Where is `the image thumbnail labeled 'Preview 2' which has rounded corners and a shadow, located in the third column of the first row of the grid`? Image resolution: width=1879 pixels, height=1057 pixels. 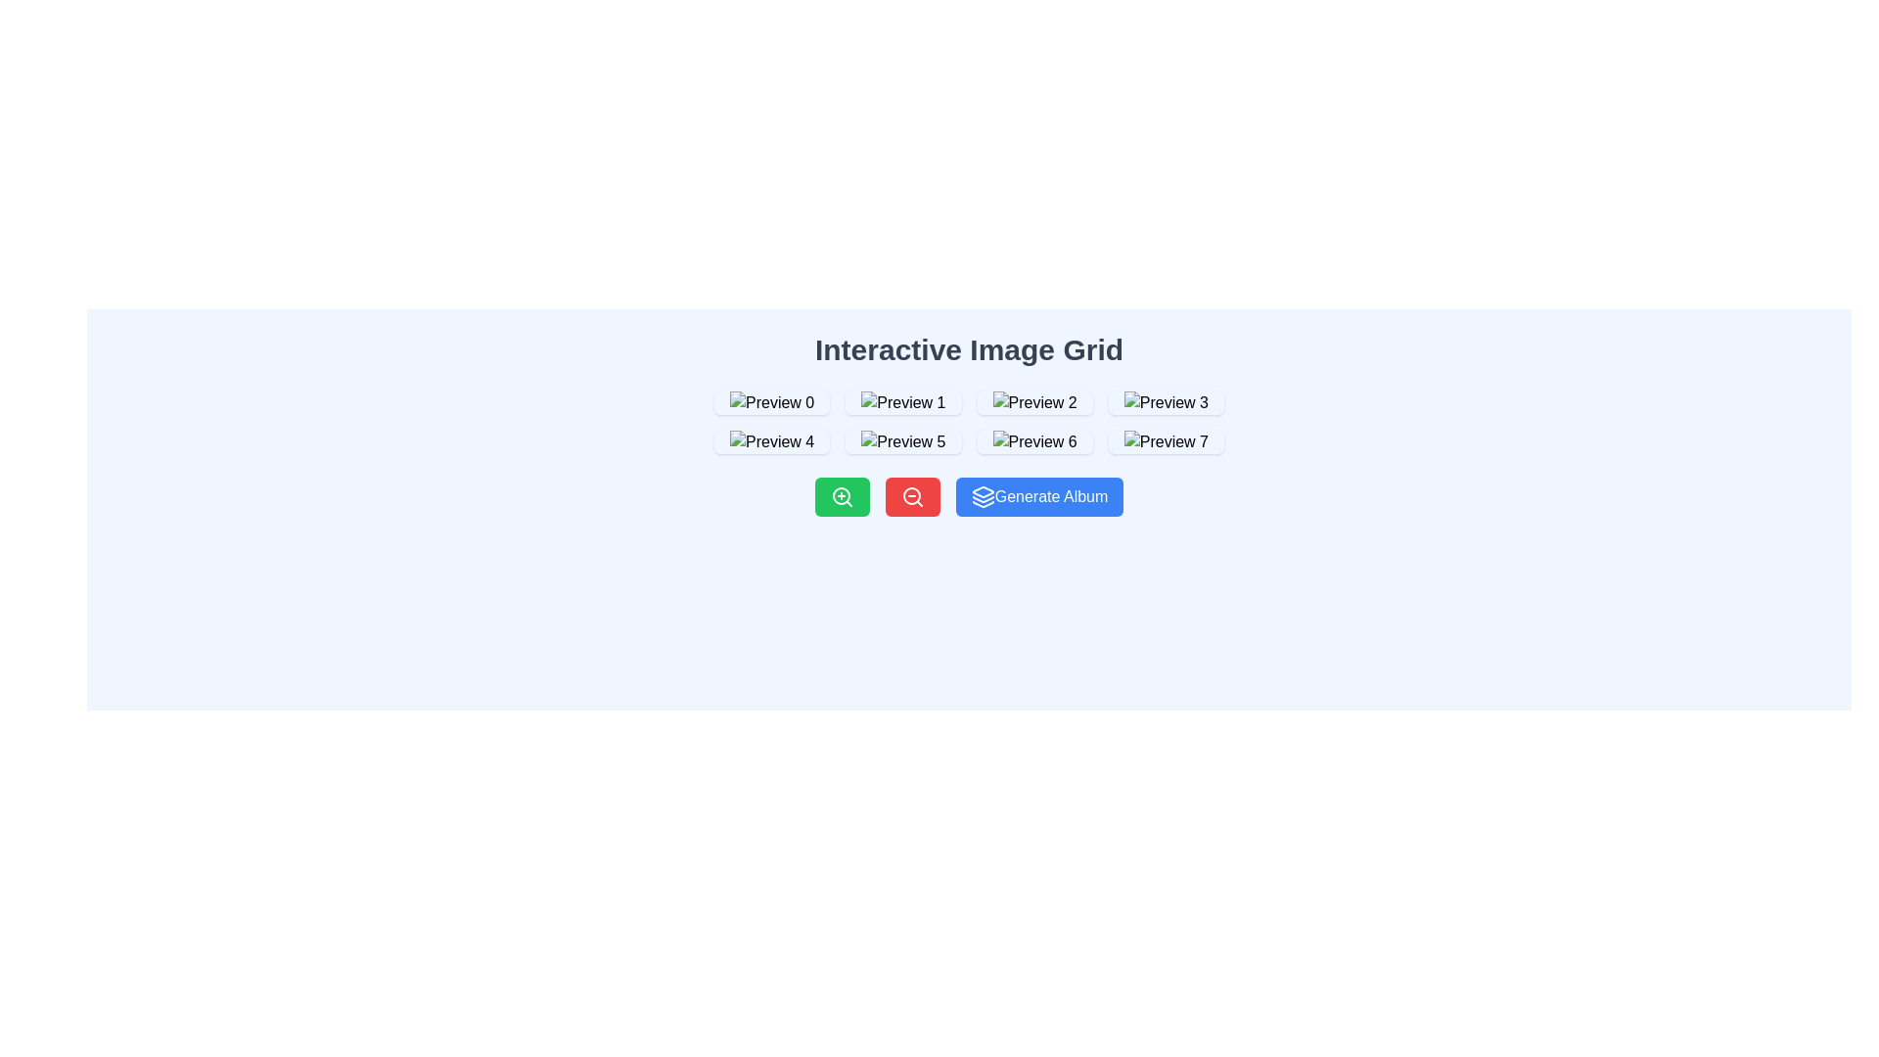
the image thumbnail labeled 'Preview 2' which has rounded corners and a shadow, located in the third column of the first row of the grid is located at coordinates (1033, 402).